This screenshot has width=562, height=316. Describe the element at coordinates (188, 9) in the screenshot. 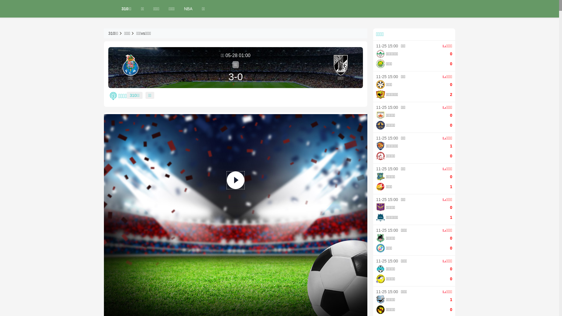

I see `'NBA'` at that location.